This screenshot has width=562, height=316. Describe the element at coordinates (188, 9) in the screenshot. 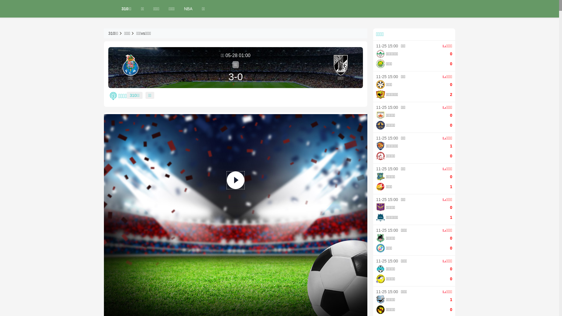

I see `'NBA'` at that location.